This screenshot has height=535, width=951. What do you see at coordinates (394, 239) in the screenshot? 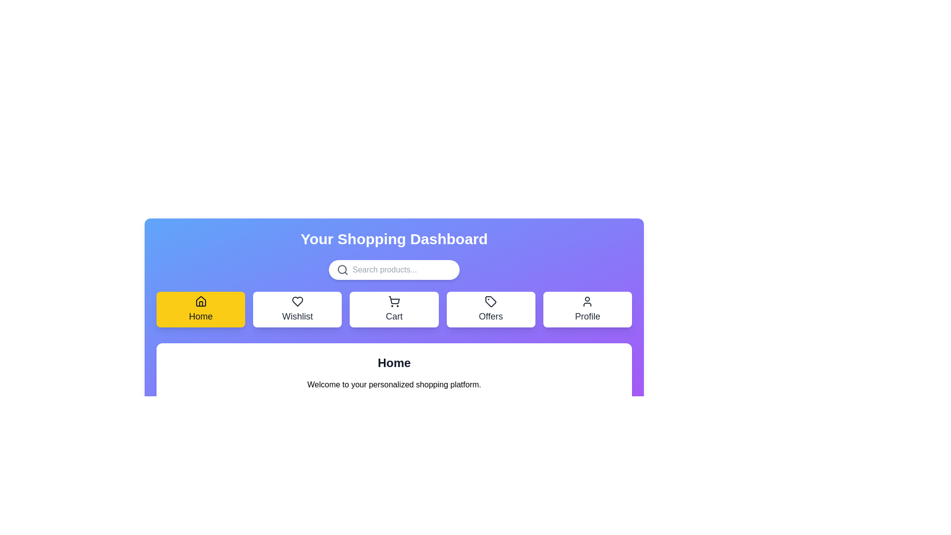
I see `the main title or header text label located at the top center of the interface, indicating the user's current context within the application` at bounding box center [394, 239].